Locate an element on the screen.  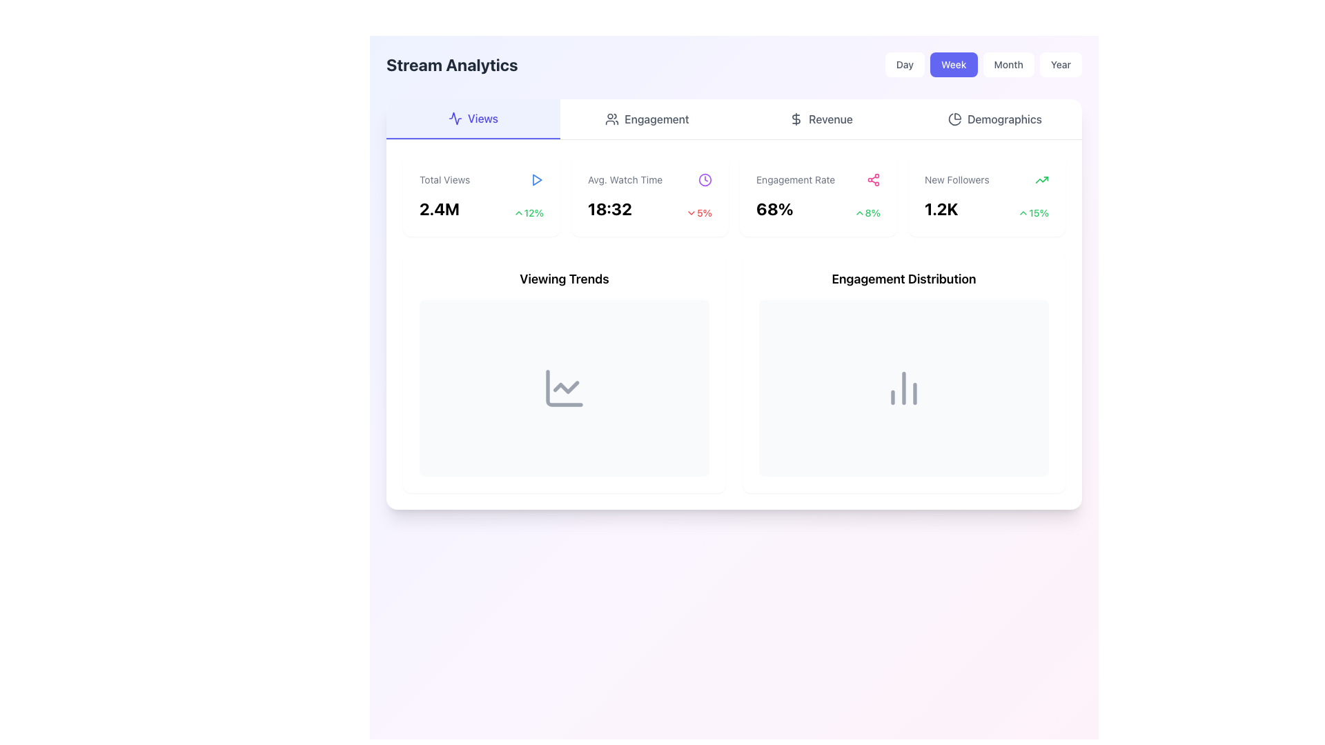
numerical value displayed in the large, bold text label '1.2K' located in the top-right portion of the dashboard, under the 'New Followers' header is located at coordinates (941, 209).